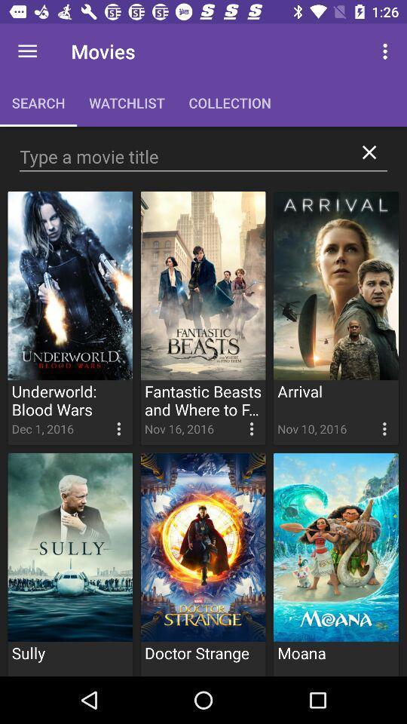  I want to click on the close icon, so click(369, 152).